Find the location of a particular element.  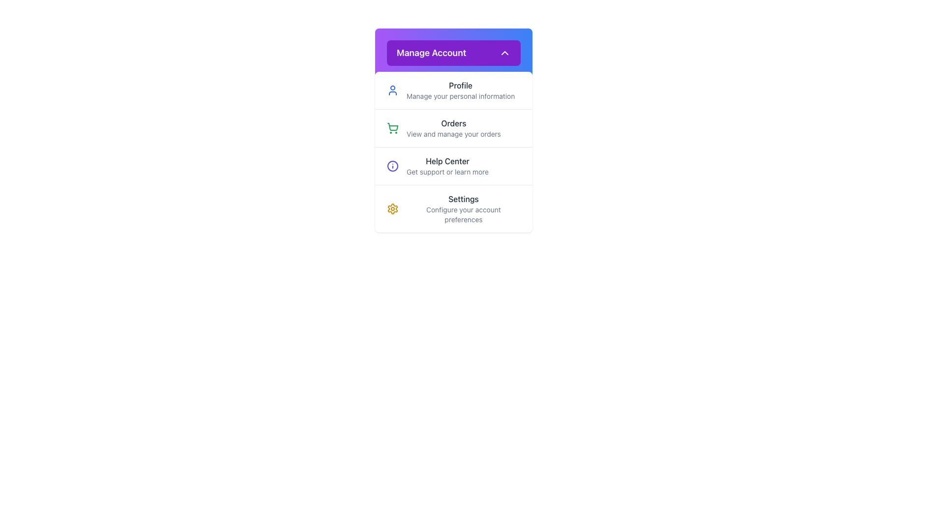

the text block that contains the message 'Configure your account preferences', which is styled with a smaller font size and gray color, positioned directly below the 'Settings' header is located at coordinates (463, 214).